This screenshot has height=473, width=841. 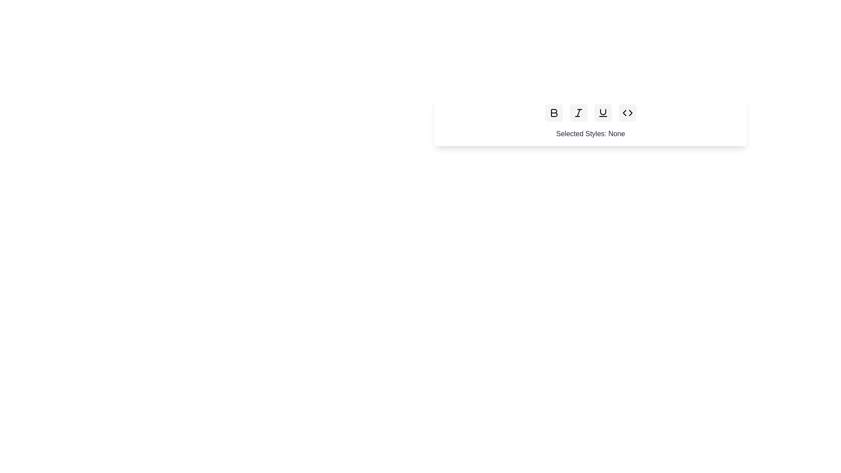 What do you see at coordinates (553, 113) in the screenshot?
I see `the Bold style button to toggle the Bold style` at bounding box center [553, 113].